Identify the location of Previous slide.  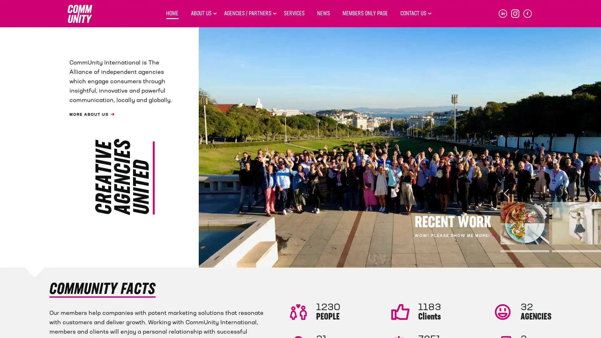
(509, 196).